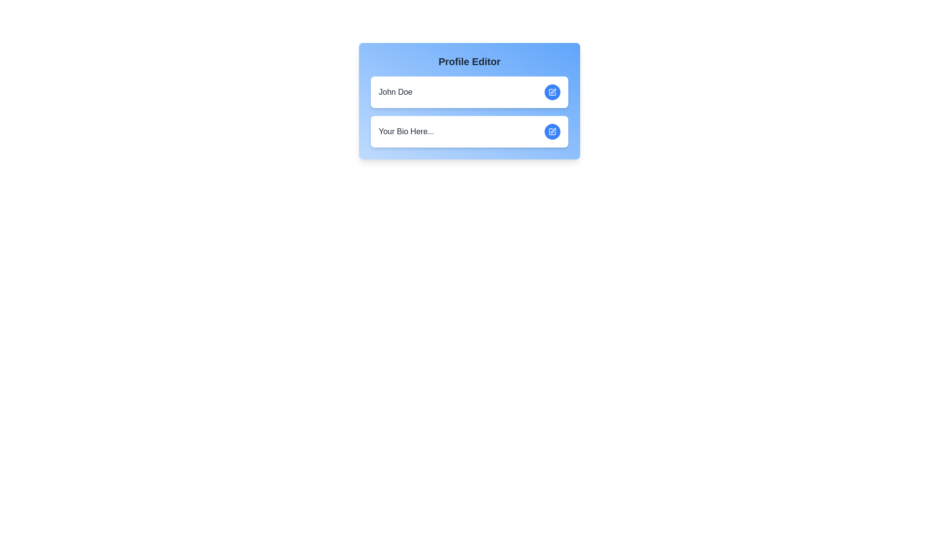 The height and width of the screenshot is (533, 948). What do you see at coordinates (552, 92) in the screenshot?
I see `the edit button located to the right of the 'John Doe' input field in the Profile Editor interface` at bounding box center [552, 92].